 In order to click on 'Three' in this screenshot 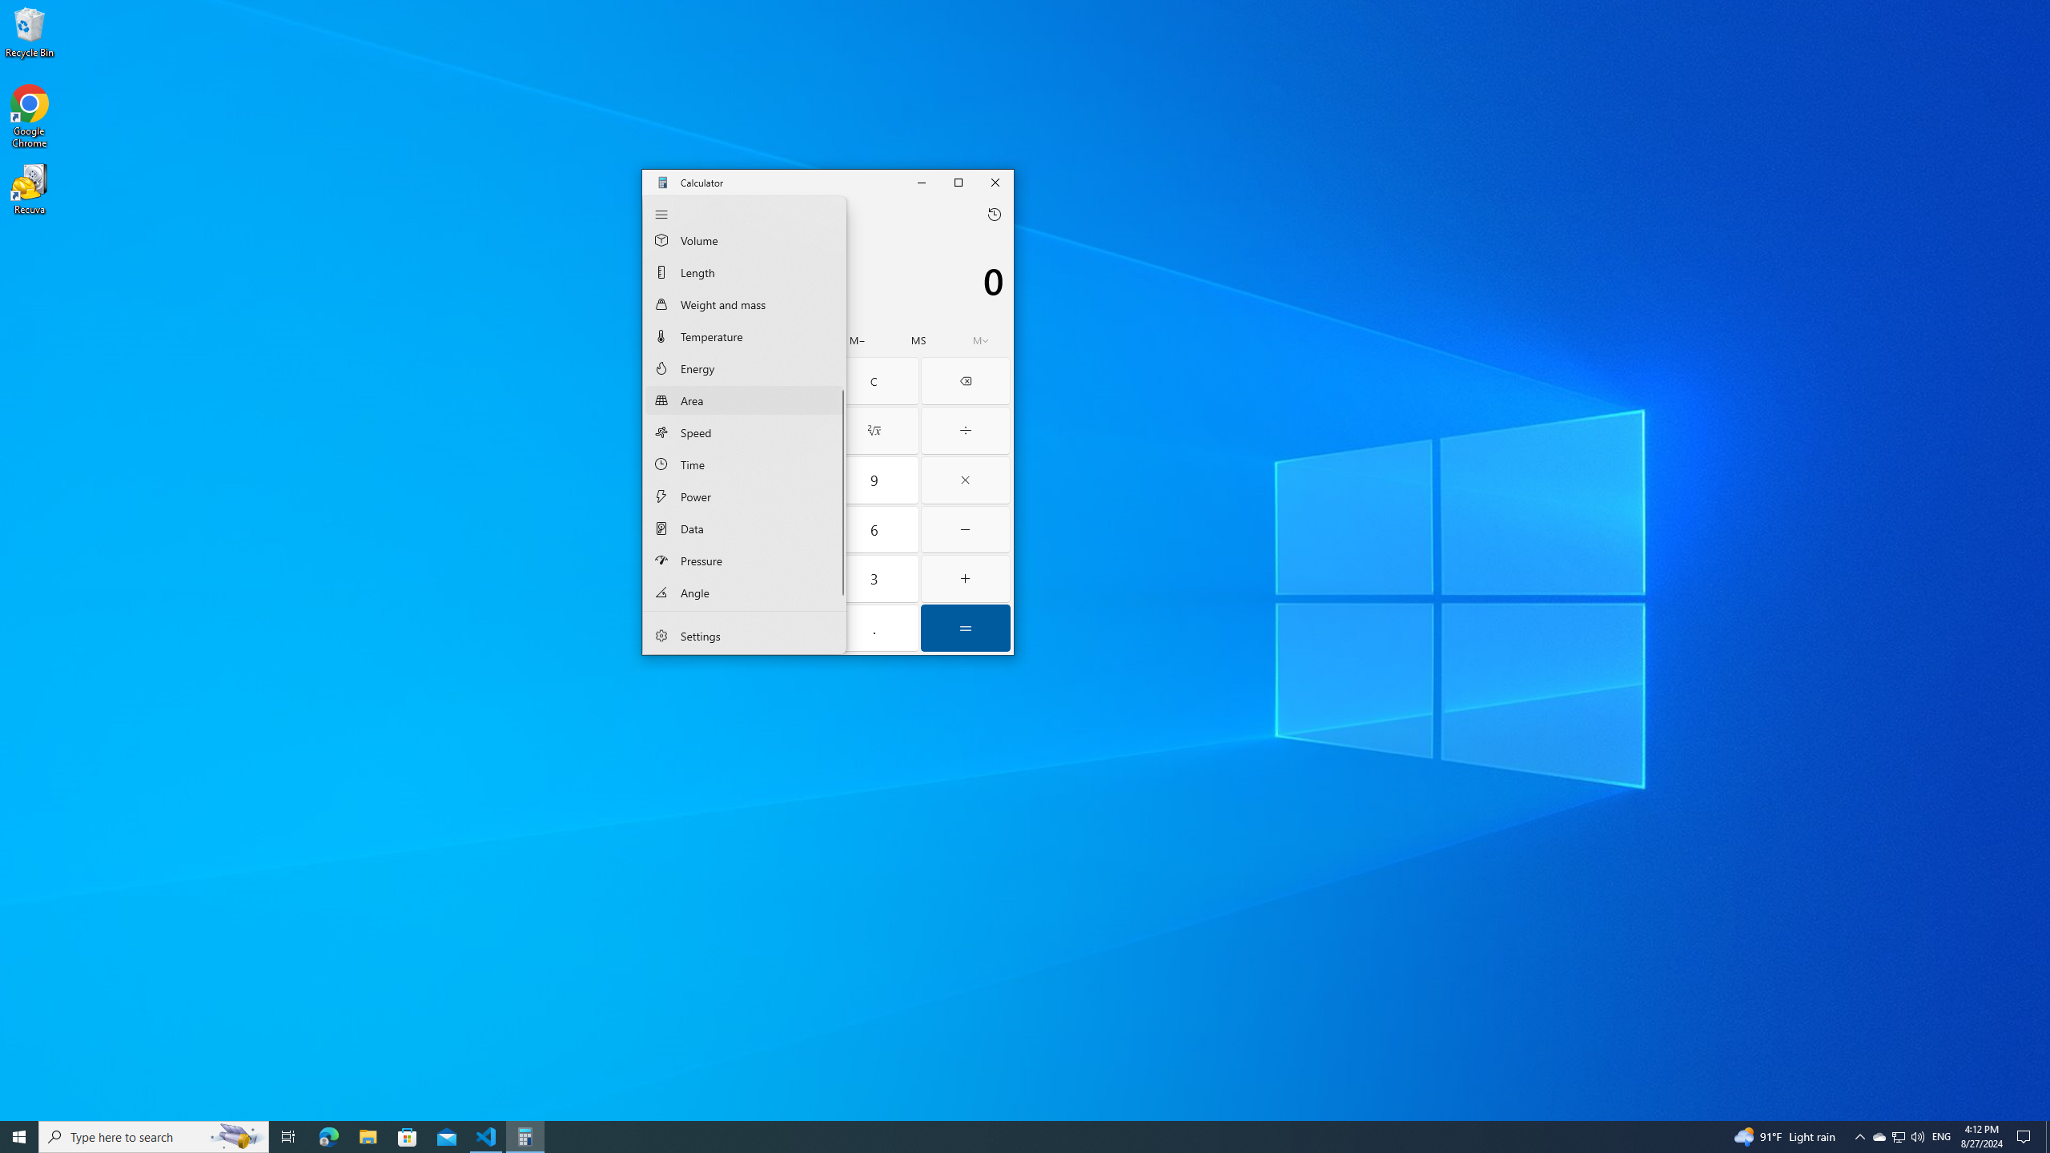, I will do `click(874, 577)`.